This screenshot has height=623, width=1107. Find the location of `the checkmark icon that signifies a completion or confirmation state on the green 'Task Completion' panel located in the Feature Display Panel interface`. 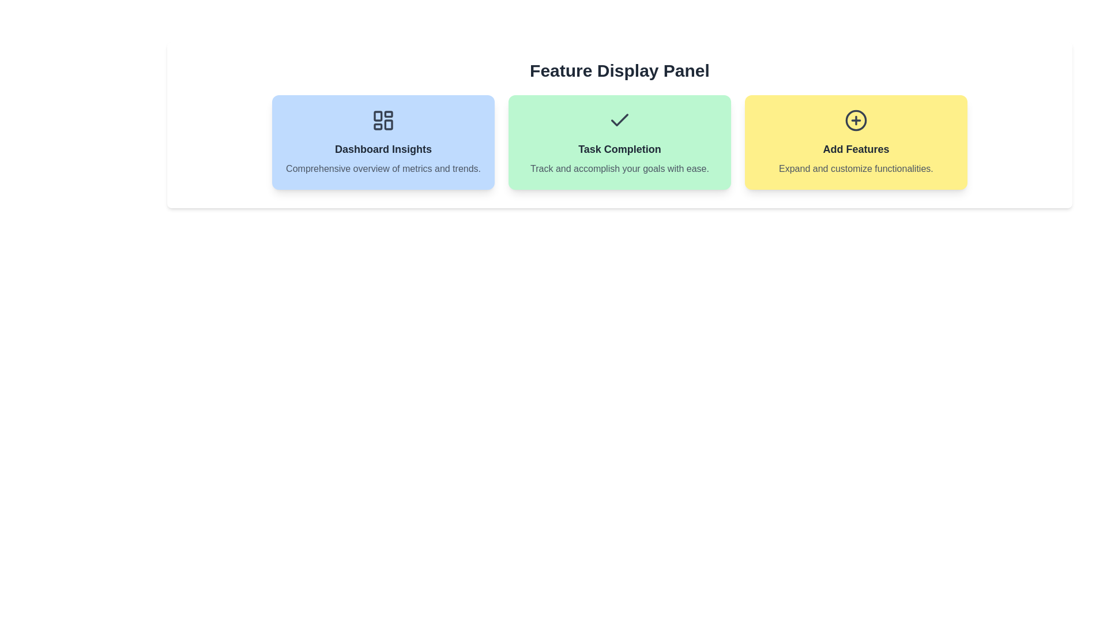

the checkmark icon that signifies a completion or confirmation state on the green 'Task Completion' panel located in the Feature Display Panel interface is located at coordinates (619, 120).